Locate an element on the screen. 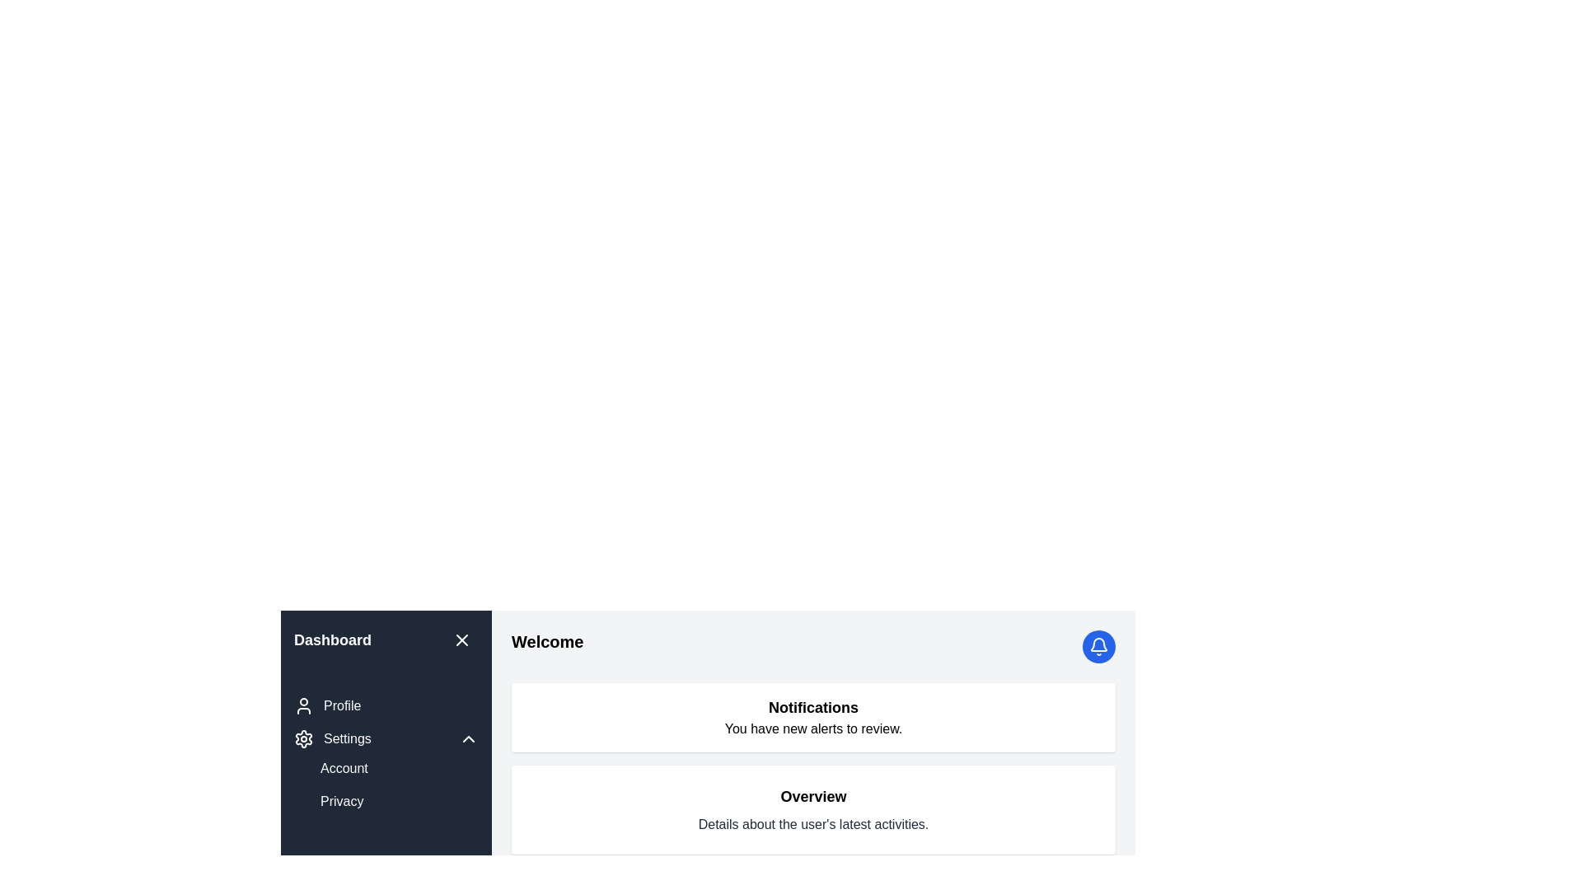 The height and width of the screenshot is (890, 1582). the small cross icon button with a black background located at the top-right corner of the 'Dashboard' sidebar is located at coordinates (461, 639).